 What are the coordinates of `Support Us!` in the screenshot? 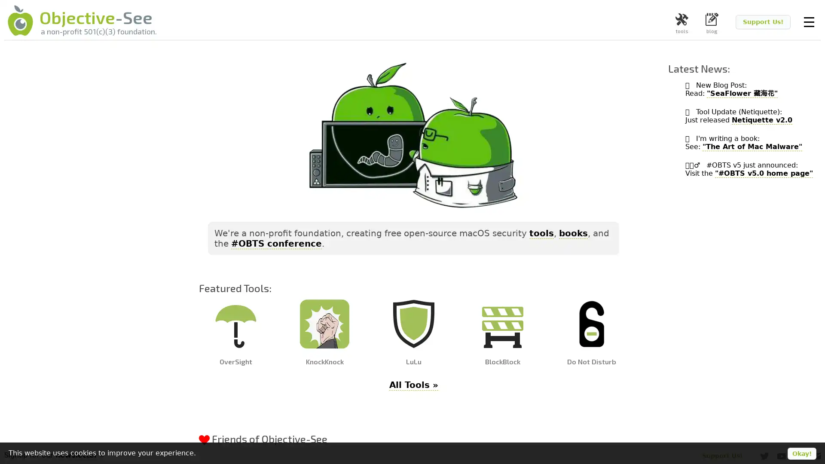 It's located at (722, 455).